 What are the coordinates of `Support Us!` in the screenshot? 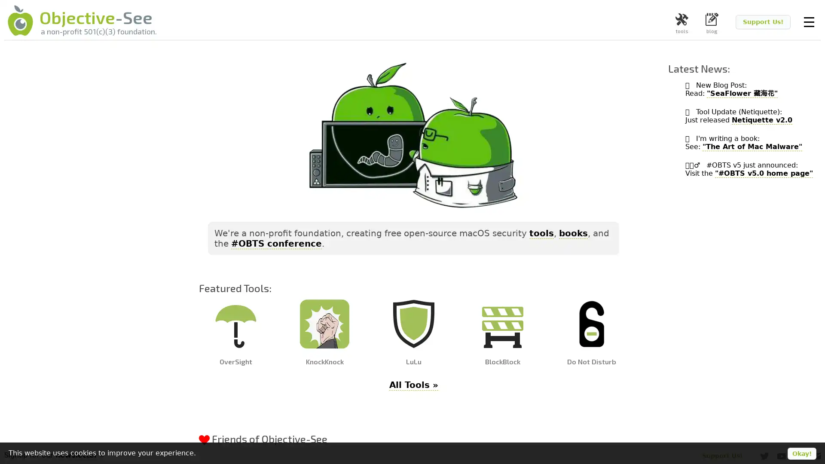 It's located at (722, 455).